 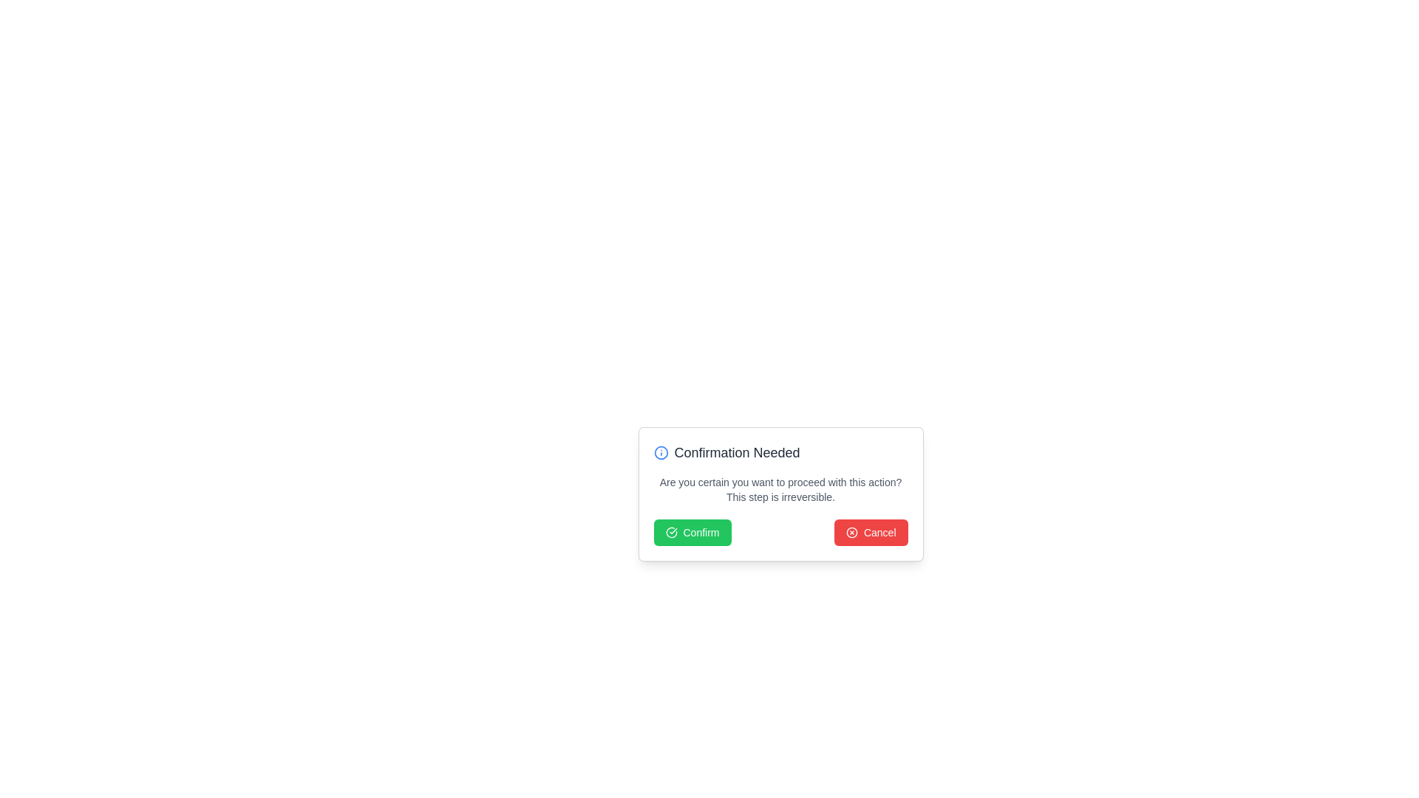 What do you see at coordinates (660, 452) in the screenshot?
I see `the informational or warning icon located on the left side of the modal dialog's header, adjacent to the text 'Confirmation Needed'` at bounding box center [660, 452].